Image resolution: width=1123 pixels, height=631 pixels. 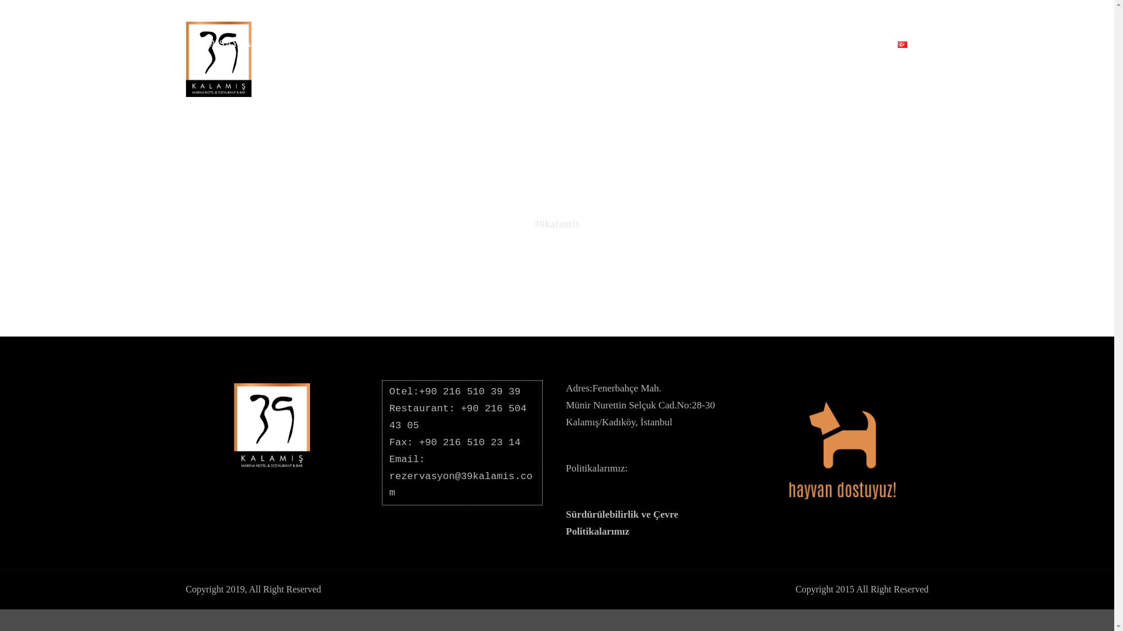 I want to click on '+90 216 510 39 39', so click(x=470, y=391).